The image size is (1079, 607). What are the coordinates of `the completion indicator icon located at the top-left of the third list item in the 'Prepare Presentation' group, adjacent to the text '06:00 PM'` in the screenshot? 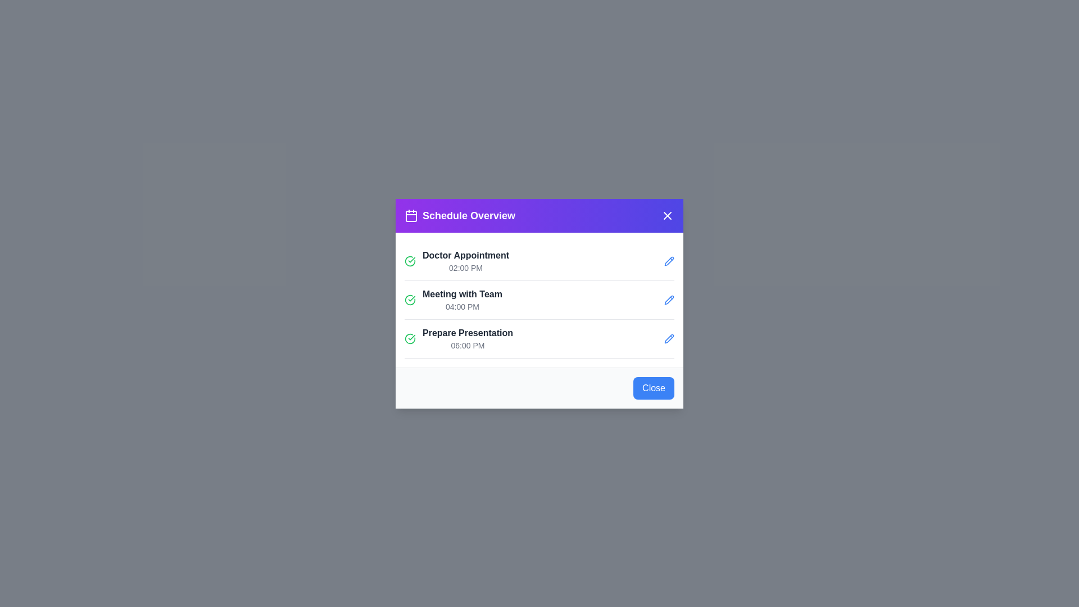 It's located at (409, 338).